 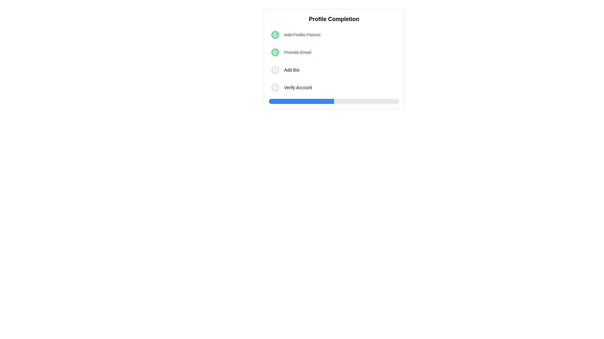 I want to click on the circular UI element located to the left of the 'Verify Account' label, which serves as a status indicator or button for verifying an account, so click(x=275, y=87).